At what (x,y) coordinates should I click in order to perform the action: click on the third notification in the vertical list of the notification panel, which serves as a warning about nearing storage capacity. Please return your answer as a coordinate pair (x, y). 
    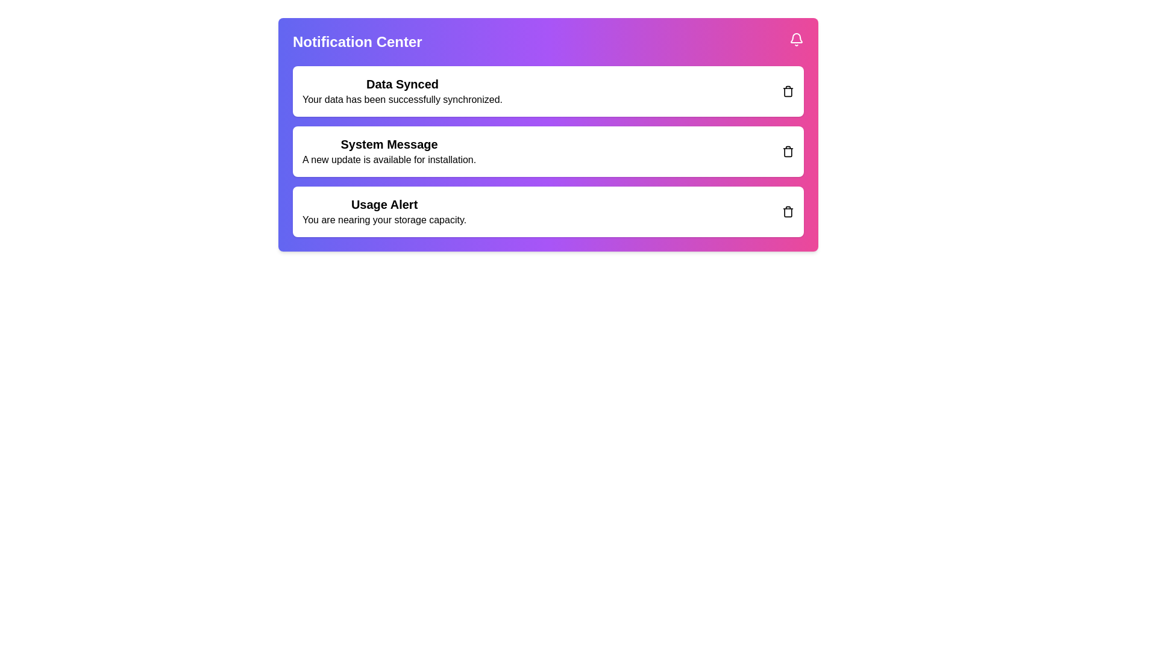
    Looking at the image, I should click on (384, 211).